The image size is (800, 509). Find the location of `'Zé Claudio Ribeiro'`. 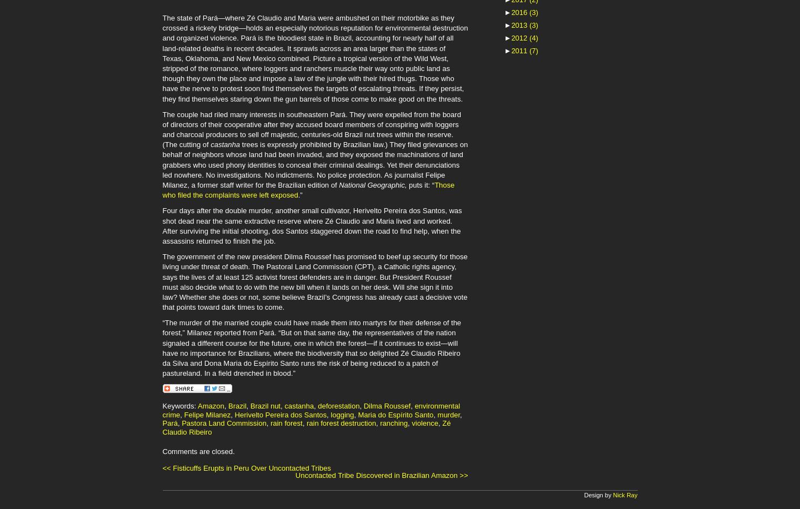

'Zé Claudio Ribeiro' is located at coordinates (306, 427).